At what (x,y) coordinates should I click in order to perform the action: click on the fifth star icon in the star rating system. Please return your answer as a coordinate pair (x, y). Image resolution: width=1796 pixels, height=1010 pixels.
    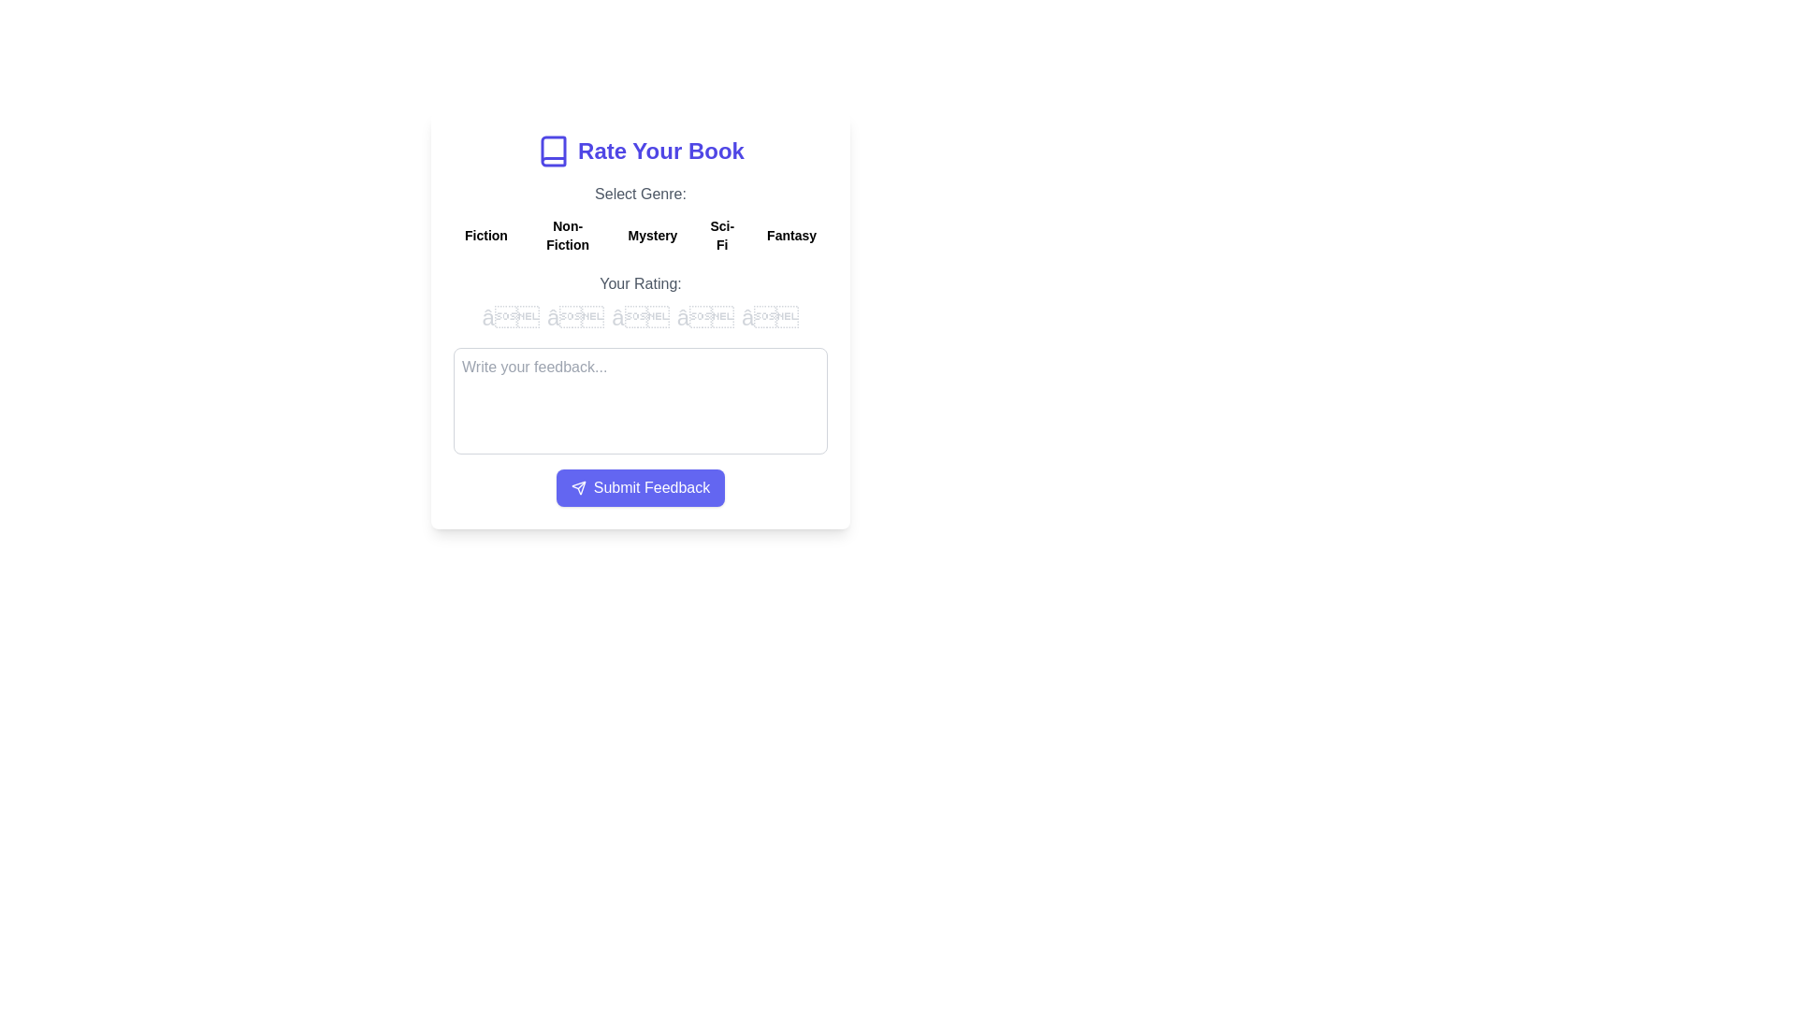
    Looking at the image, I should click on (770, 316).